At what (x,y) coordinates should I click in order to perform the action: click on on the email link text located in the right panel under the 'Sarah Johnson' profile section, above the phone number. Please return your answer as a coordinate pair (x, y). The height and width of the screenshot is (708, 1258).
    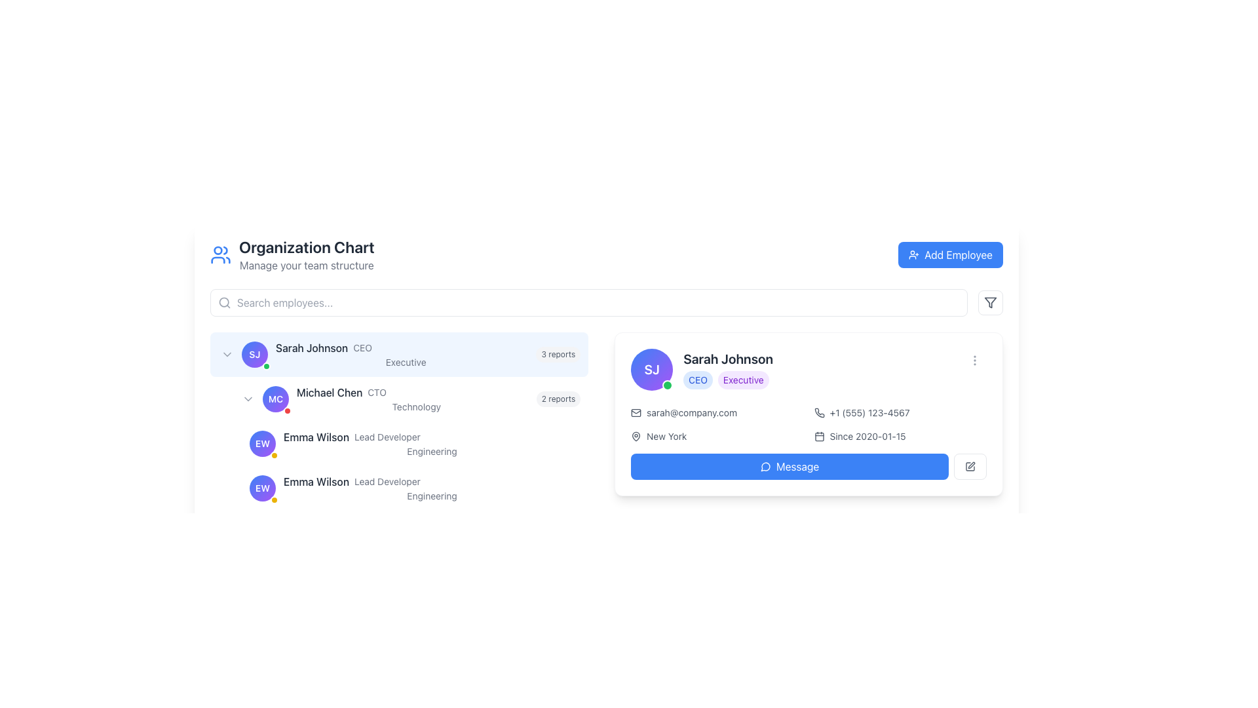
    Looking at the image, I should click on (716, 412).